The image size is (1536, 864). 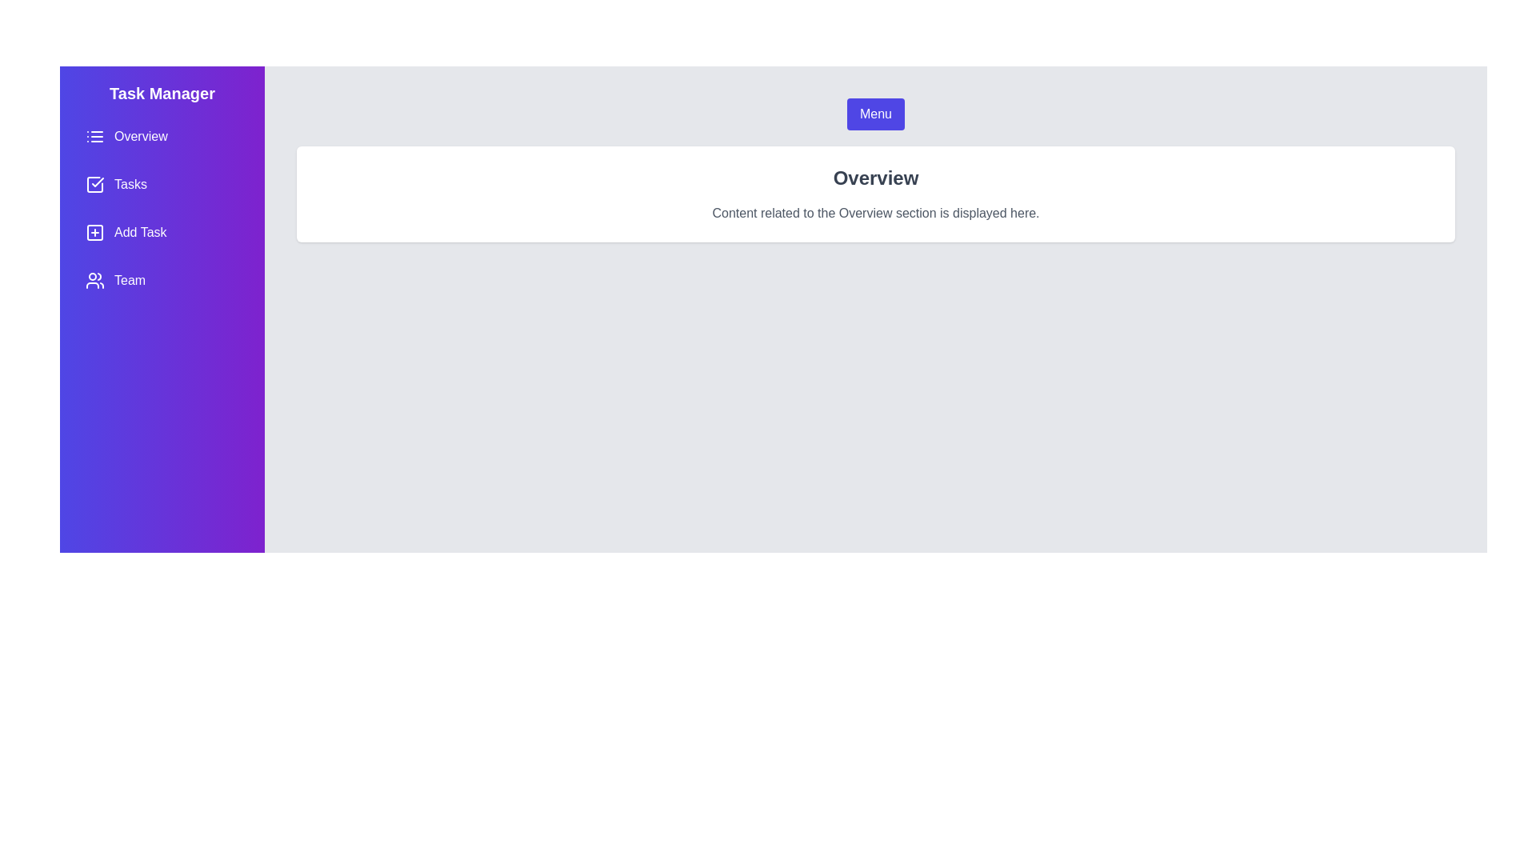 I want to click on the sidebar entry labeled Tasks to navigate to that section, so click(x=162, y=184).